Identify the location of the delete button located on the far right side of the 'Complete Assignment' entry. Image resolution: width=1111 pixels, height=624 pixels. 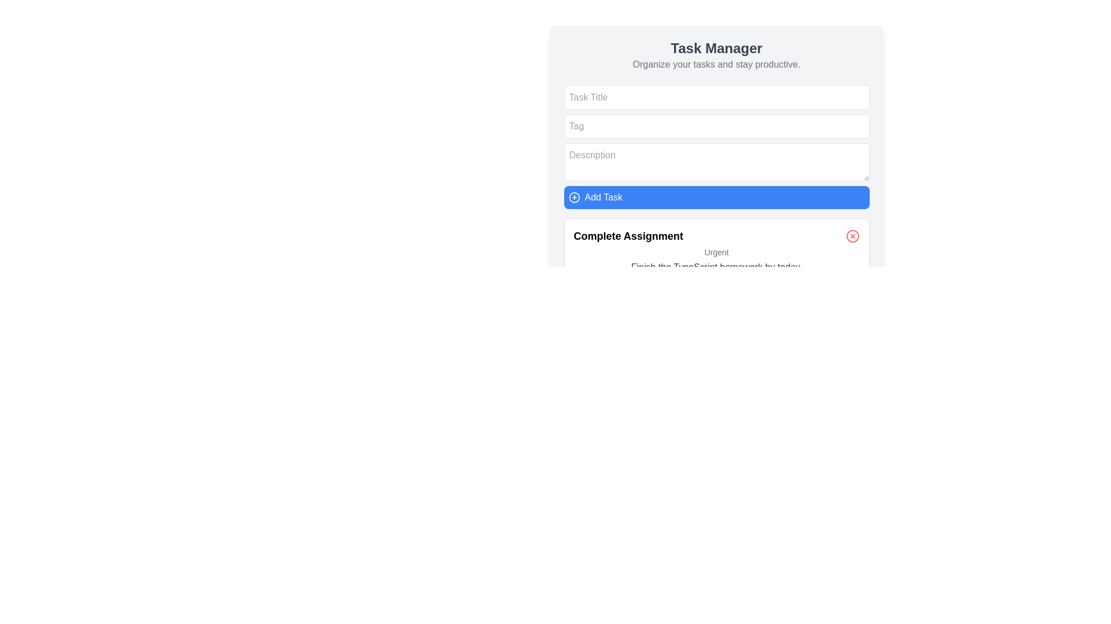
(852, 235).